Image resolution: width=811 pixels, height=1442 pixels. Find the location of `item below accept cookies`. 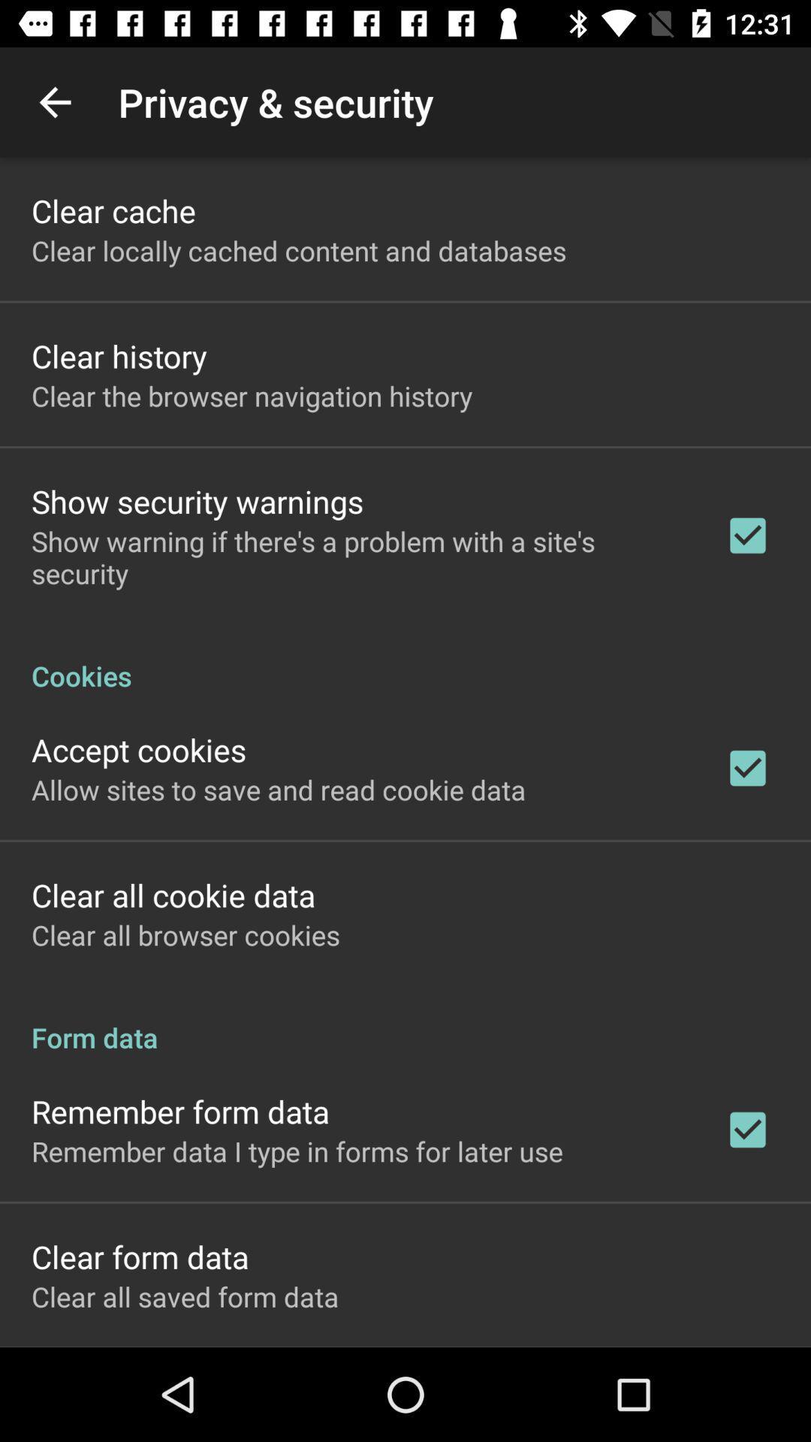

item below accept cookies is located at coordinates (279, 789).